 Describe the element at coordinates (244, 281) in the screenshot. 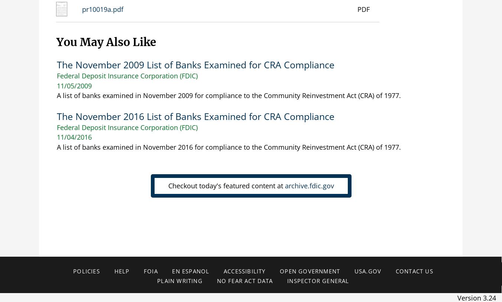

I see `'NO FEAR ACT DATA'` at that location.